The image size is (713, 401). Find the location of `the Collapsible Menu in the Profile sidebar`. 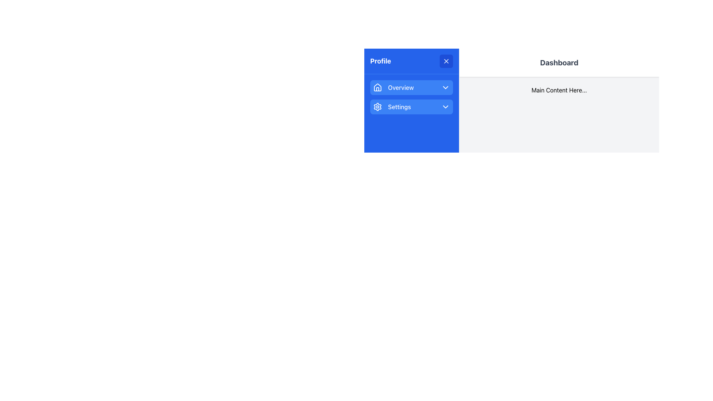

the Collapsible Menu in the Profile sidebar is located at coordinates (411, 97).